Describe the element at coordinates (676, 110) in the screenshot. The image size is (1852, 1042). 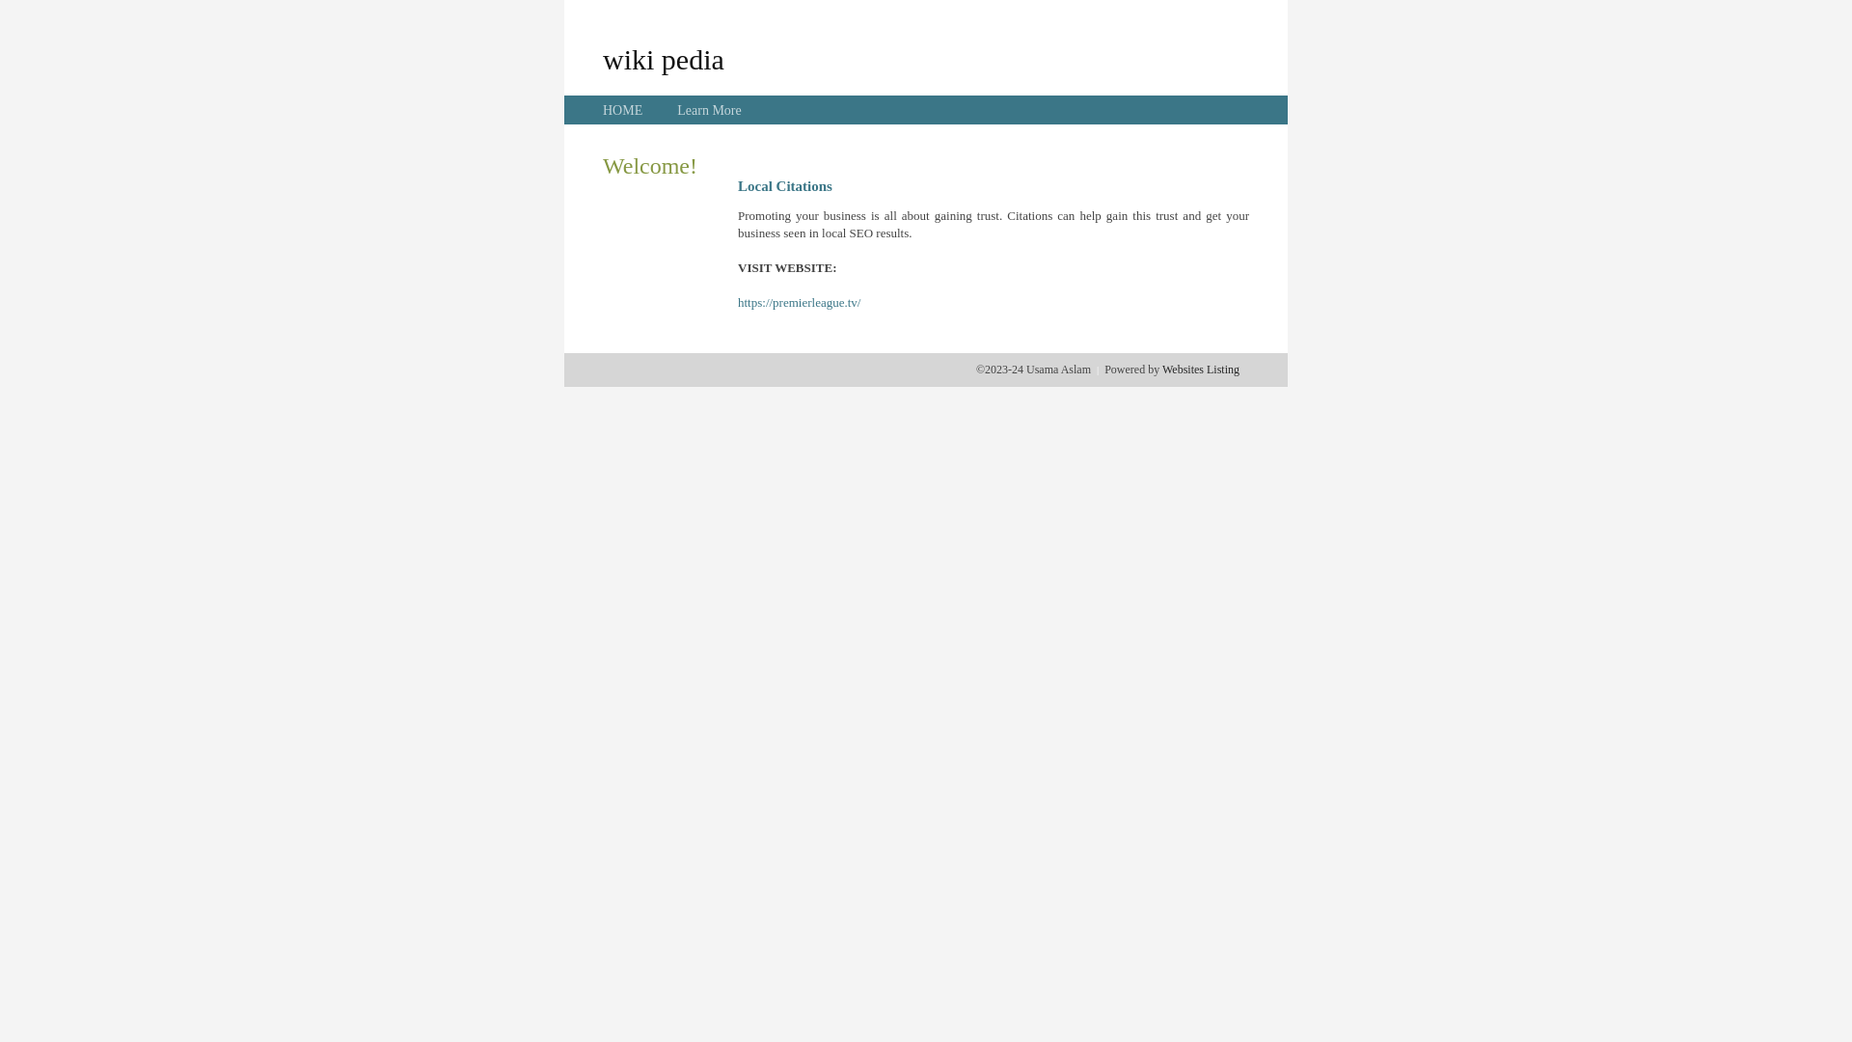
I see `'Learn More'` at that location.